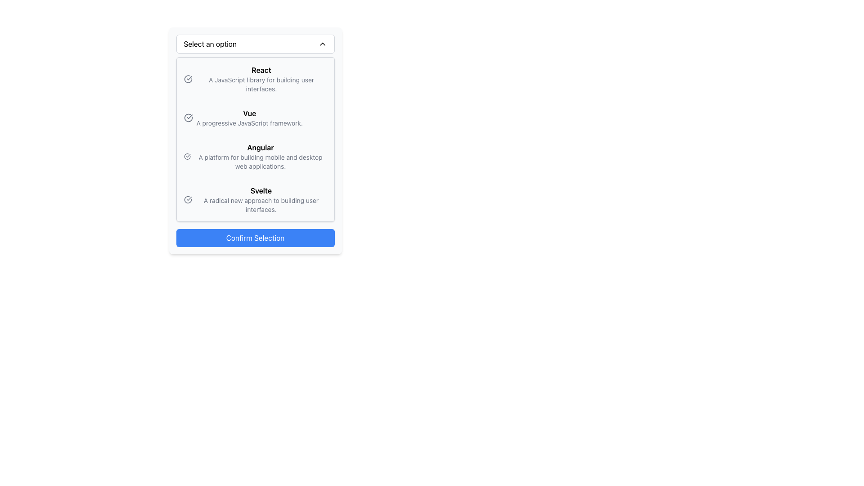 This screenshot has width=864, height=486. What do you see at coordinates (188, 117) in the screenshot?
I see `the circular checkbox icon representing a checkmark for the 'Vue' option in the dropdown list, which is styled with a simplistic outline and gray color` at bounding box center [188, 117].